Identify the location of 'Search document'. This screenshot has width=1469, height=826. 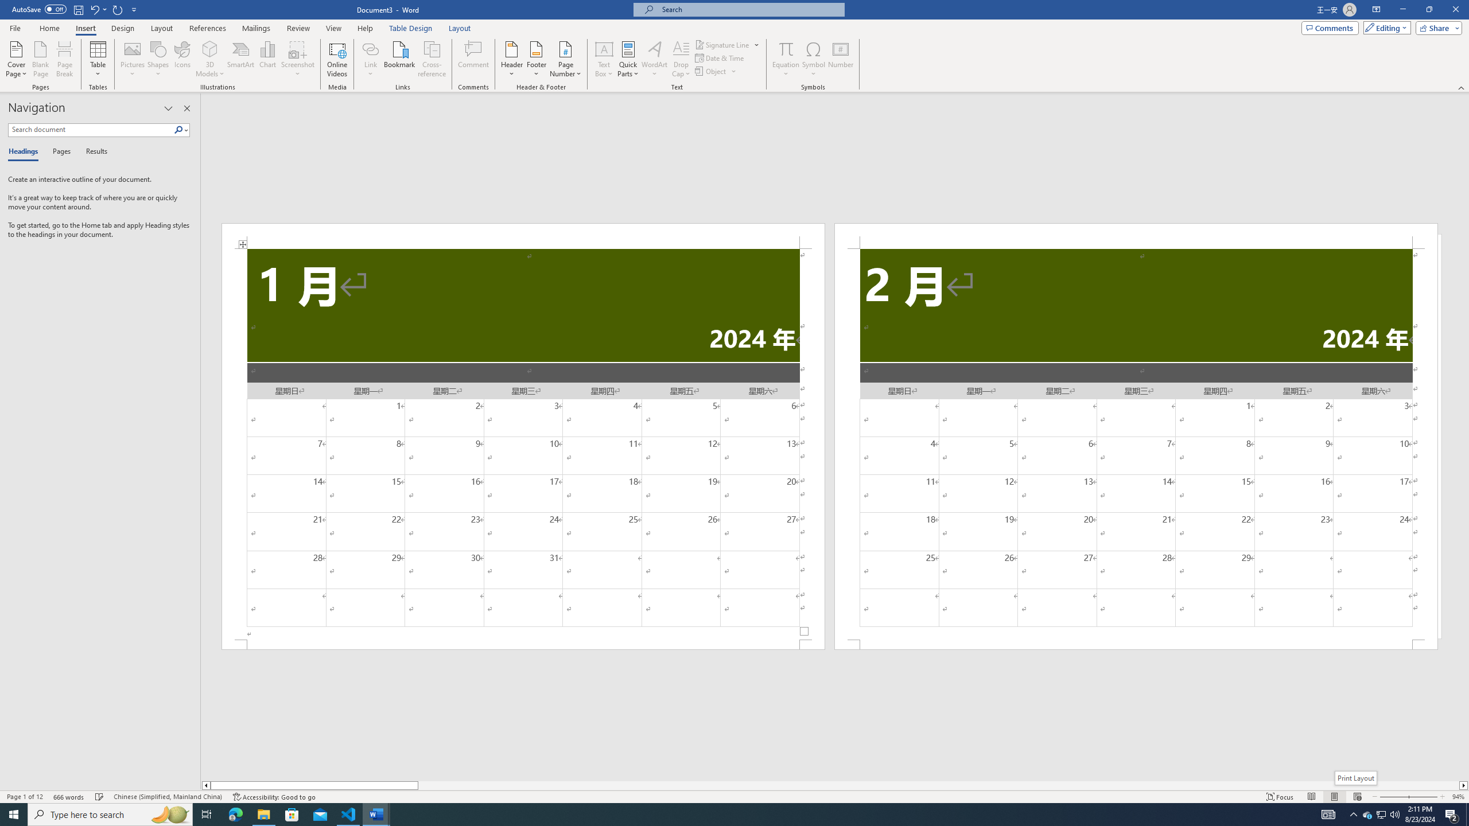
(91, 129).